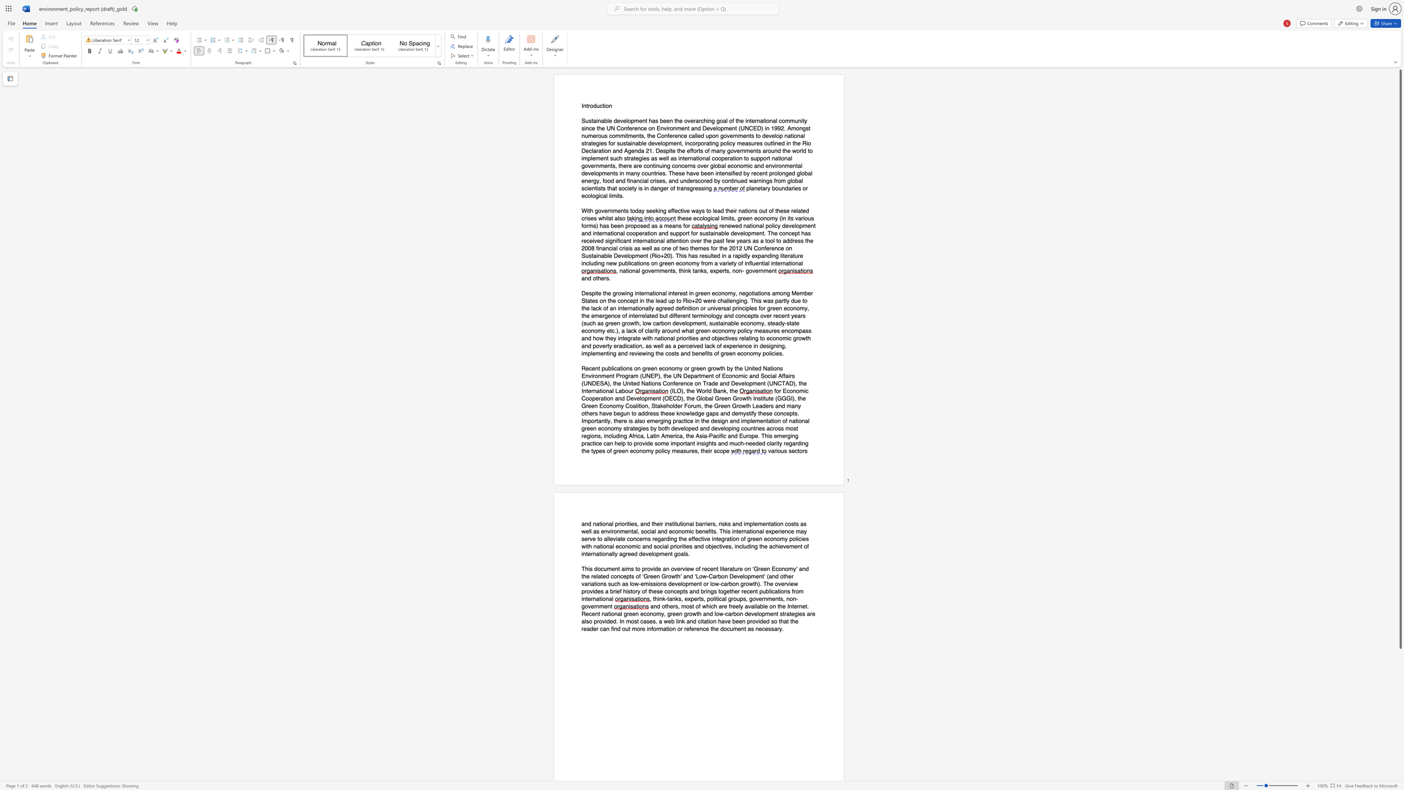 Image resolution: width=1404 pixels, height=790 pixels. I want to click on the scrollbar to scroll downward, so click(1400, 698).